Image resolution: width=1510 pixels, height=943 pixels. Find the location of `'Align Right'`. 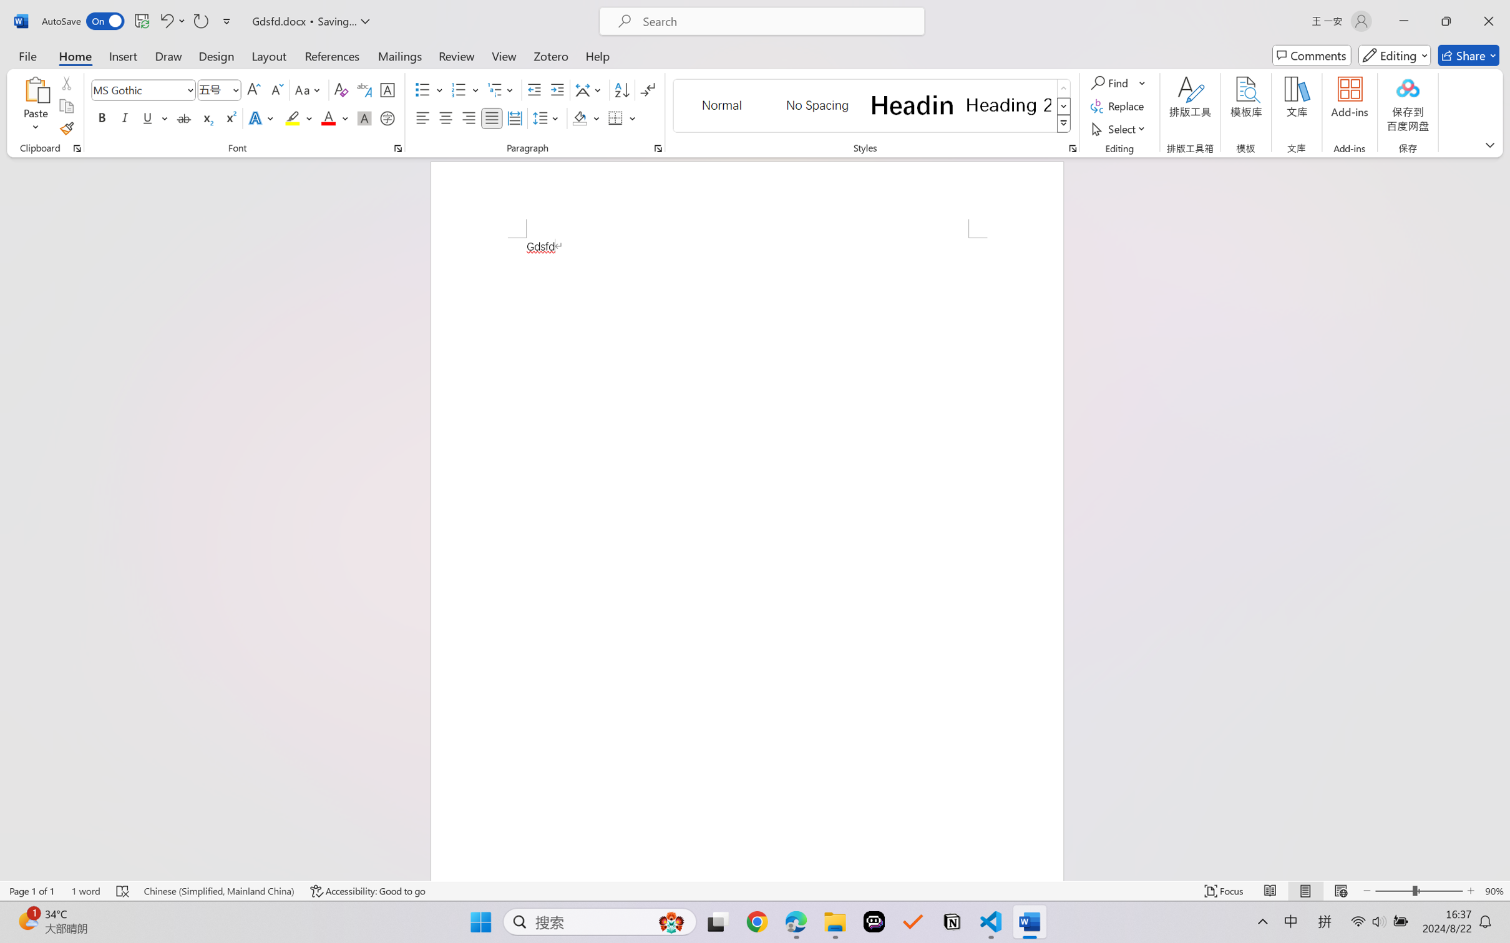

'Align Right' is located at coordinates (469, 117).